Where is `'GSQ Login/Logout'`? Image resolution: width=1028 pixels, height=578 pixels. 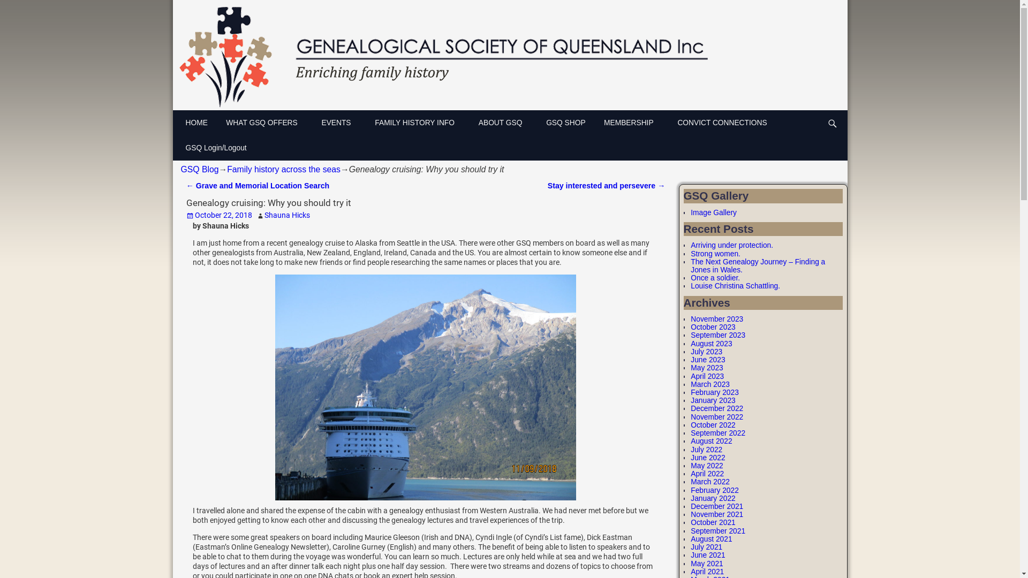 'GSQ Login/Logout' is located at coordinates (218, 148).